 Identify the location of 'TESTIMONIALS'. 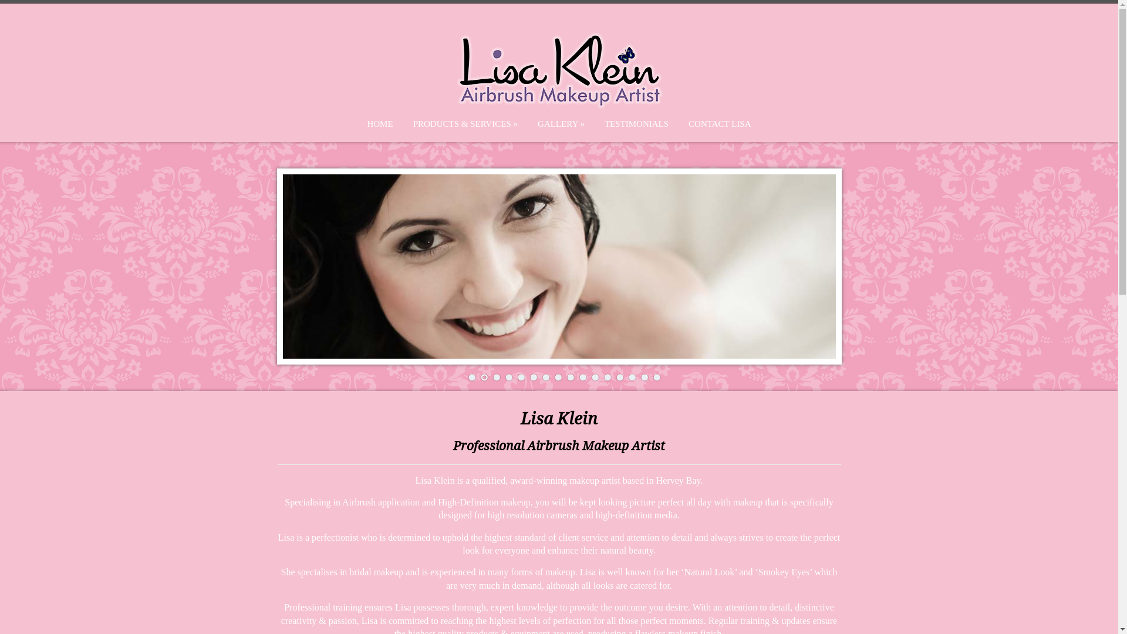
(636, 124).